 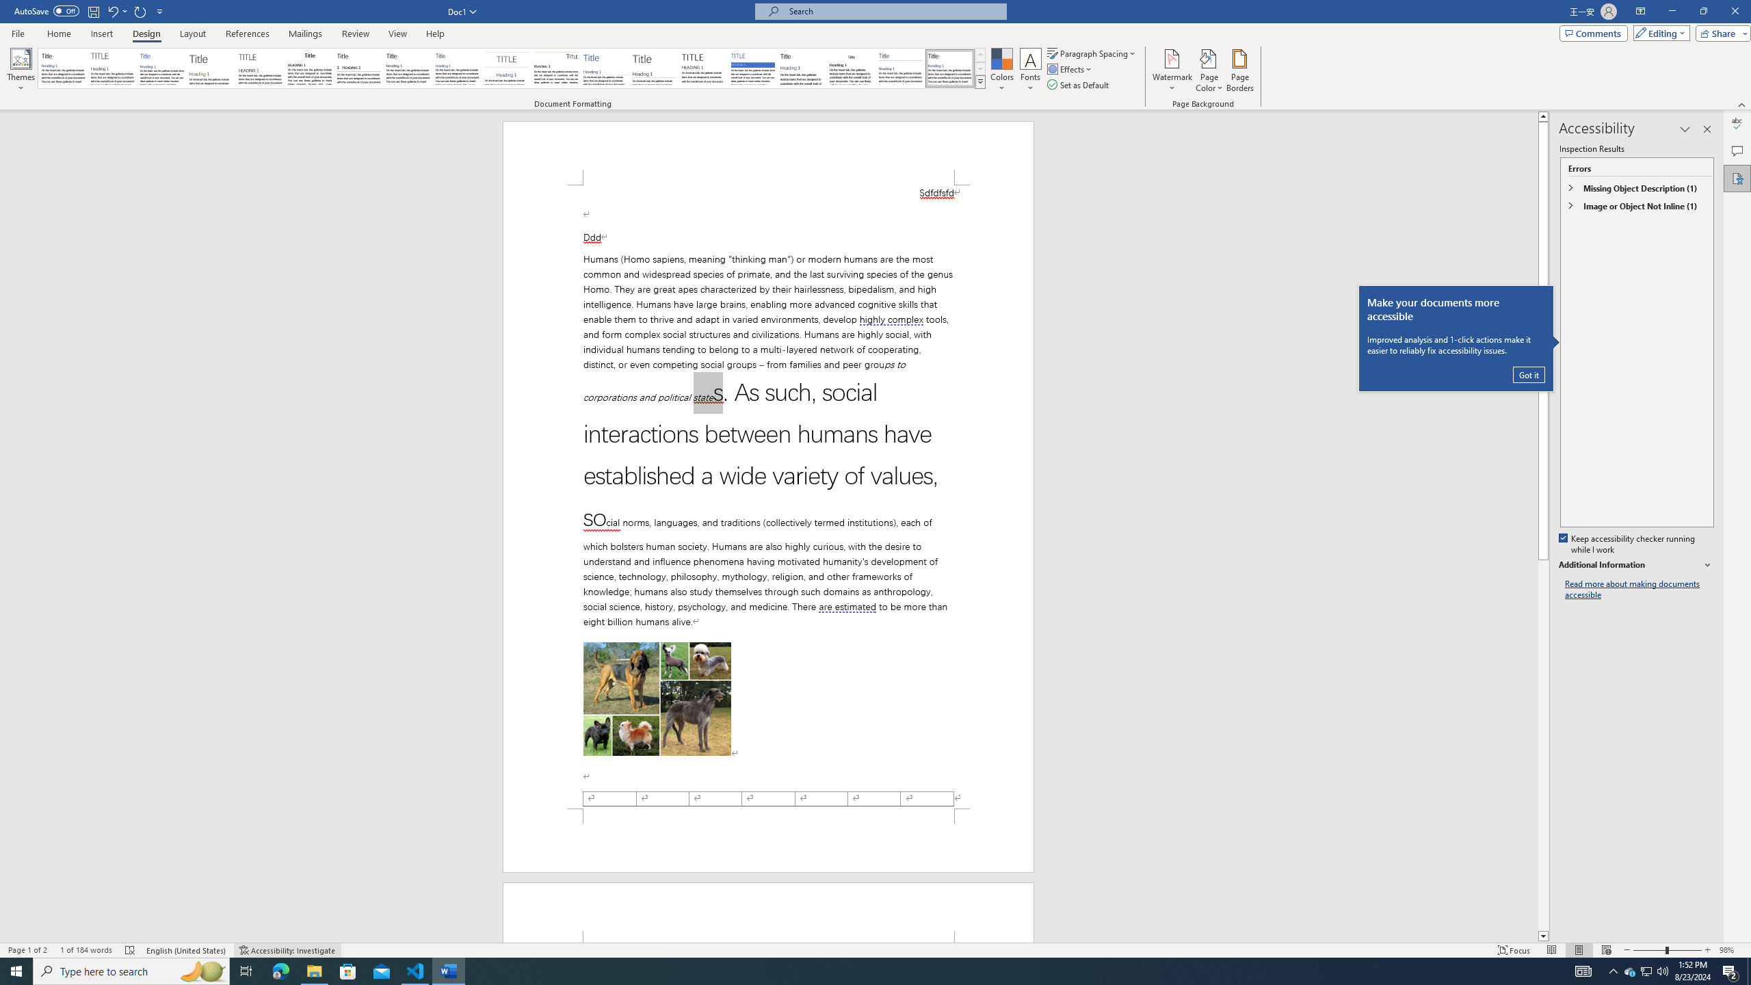 What do you see at coordinates (979, 81) in the screenshot?
I see `'Style Set'` at bounding box center [979, 81].